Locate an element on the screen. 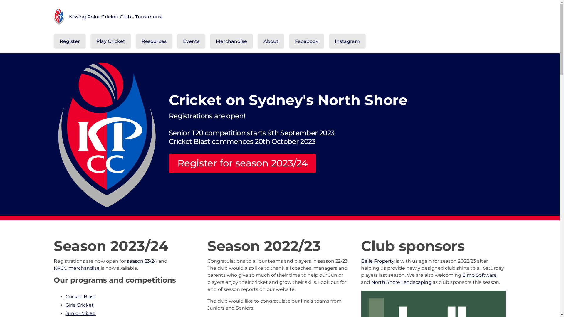  'Elmo Software' is located at coordinates (479, 275).